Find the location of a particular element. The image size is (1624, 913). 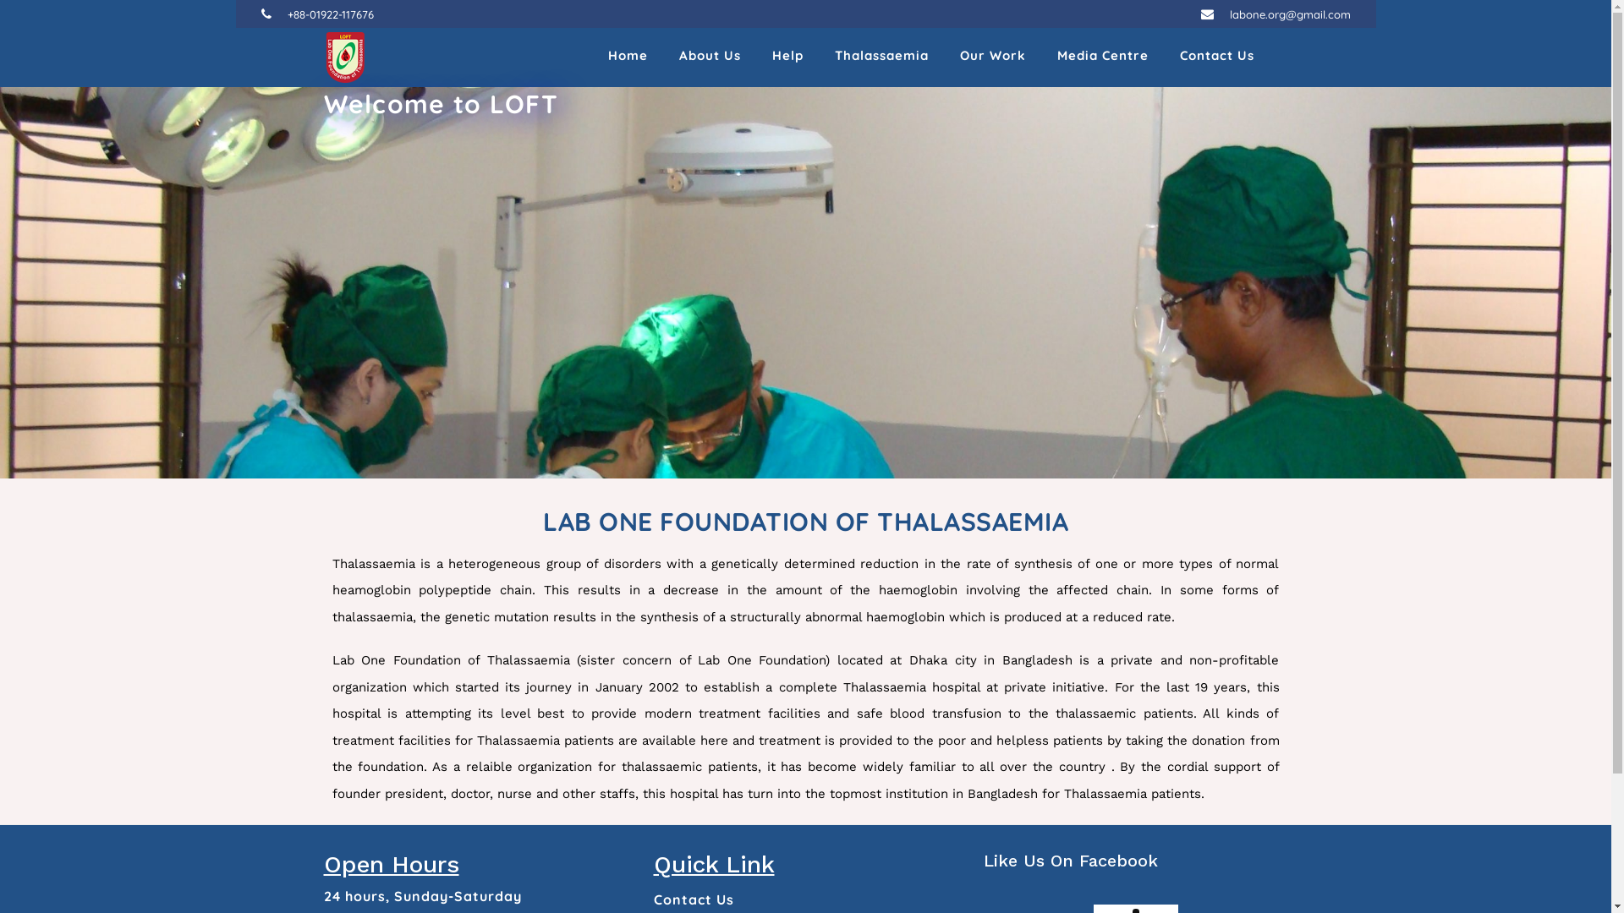

'Help' is located at coordinates (786, 57).